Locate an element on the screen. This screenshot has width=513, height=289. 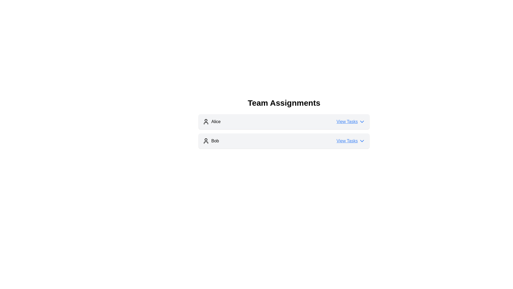
the text 'Alice' styled in black, which is located to the right of a user icon in the first row of a vertically arranged list is located at coordinates (216, 122).